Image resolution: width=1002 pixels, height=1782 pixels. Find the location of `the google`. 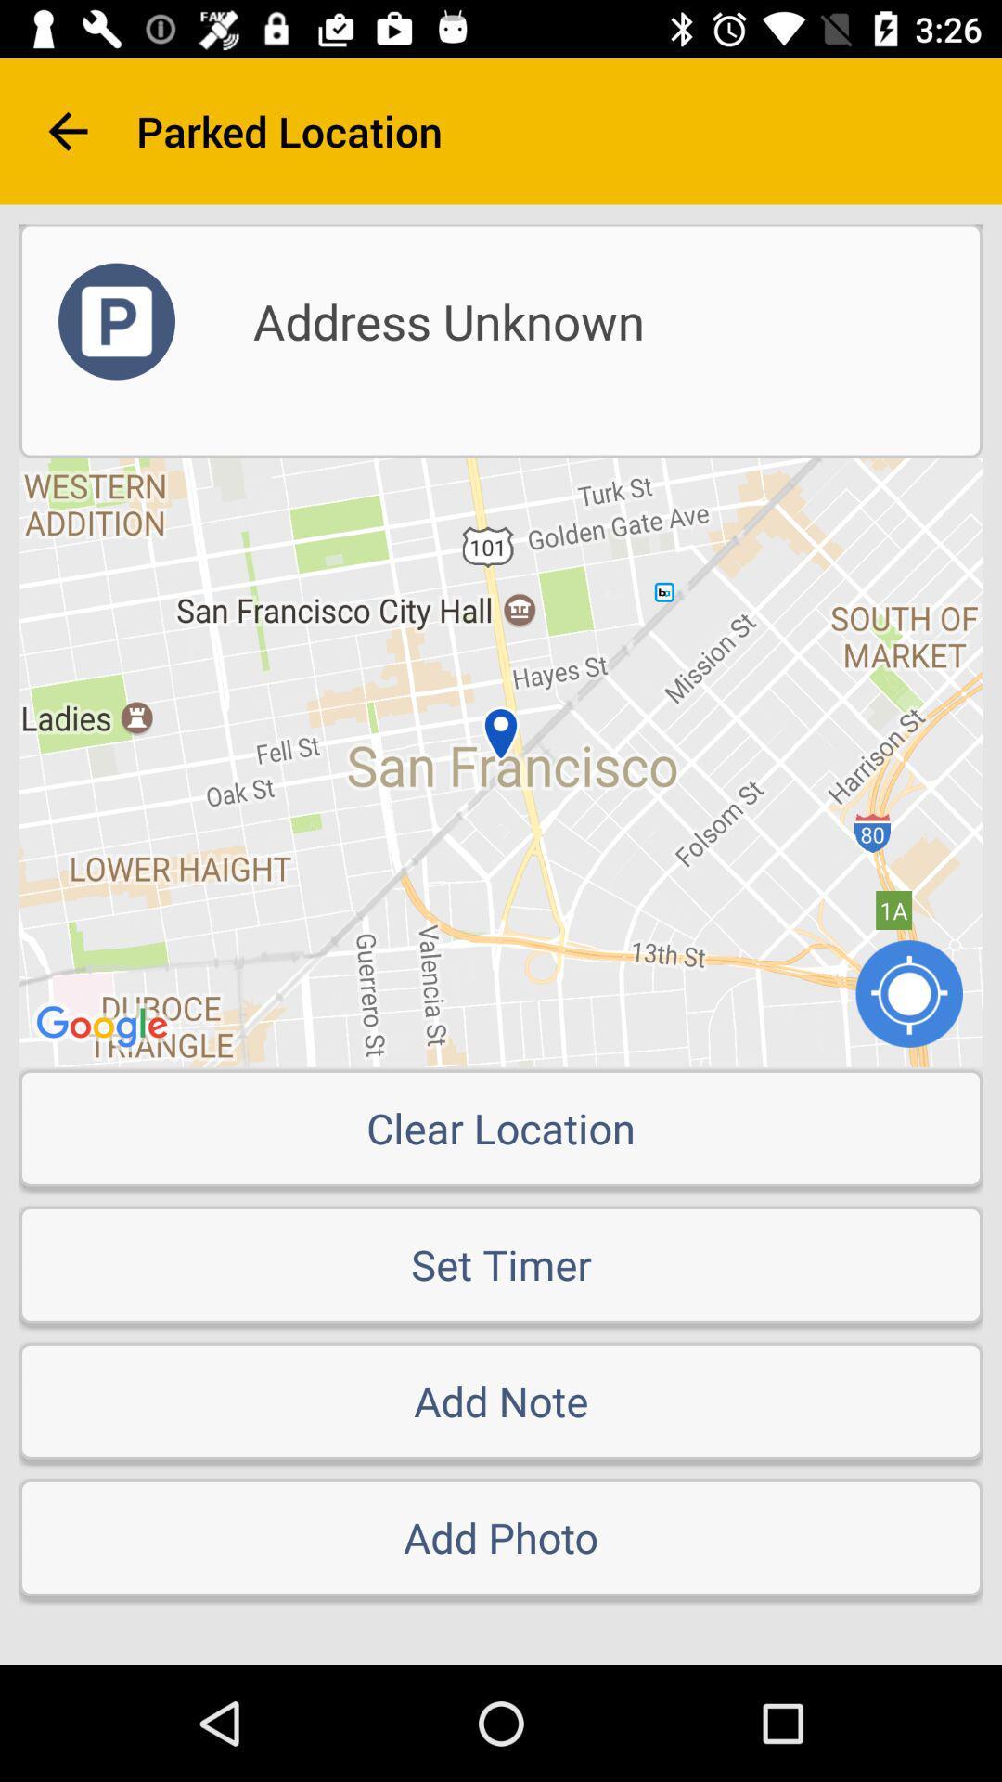

the google is located at coordinates (105, 1027).